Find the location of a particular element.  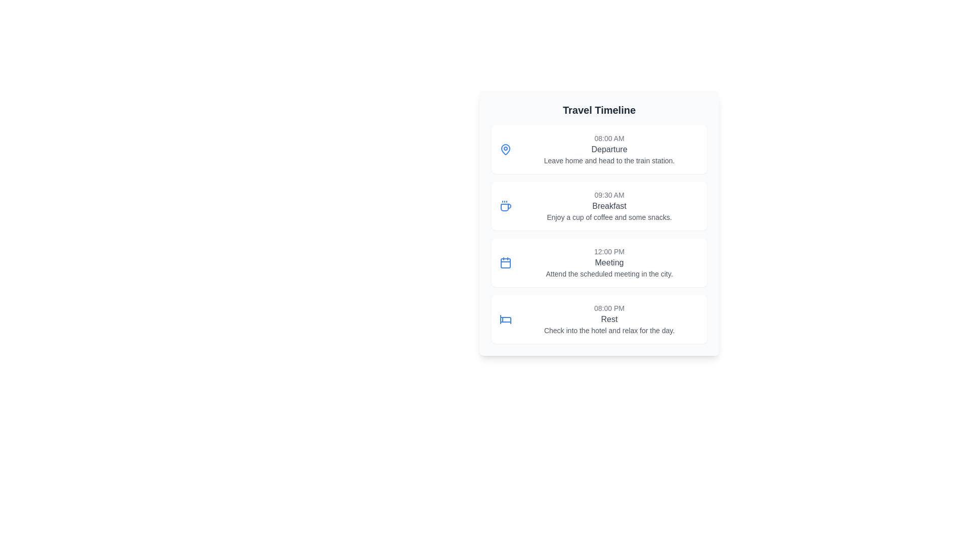

the Rest activity icon, represented by a bed symbol, located at the bottom card of the list is located at coordinates (505, 320).